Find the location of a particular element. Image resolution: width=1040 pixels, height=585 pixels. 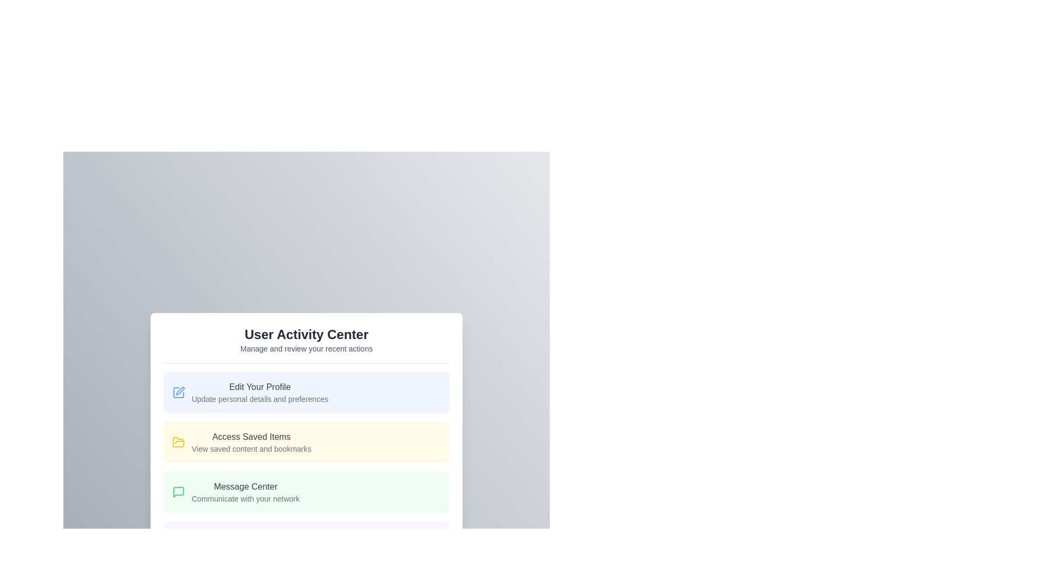

the green speech bubble-shaped icon located to the left of the 'Message Center' text within the light green box in the 'User Activity Center' is located at coordinates (179, 491).